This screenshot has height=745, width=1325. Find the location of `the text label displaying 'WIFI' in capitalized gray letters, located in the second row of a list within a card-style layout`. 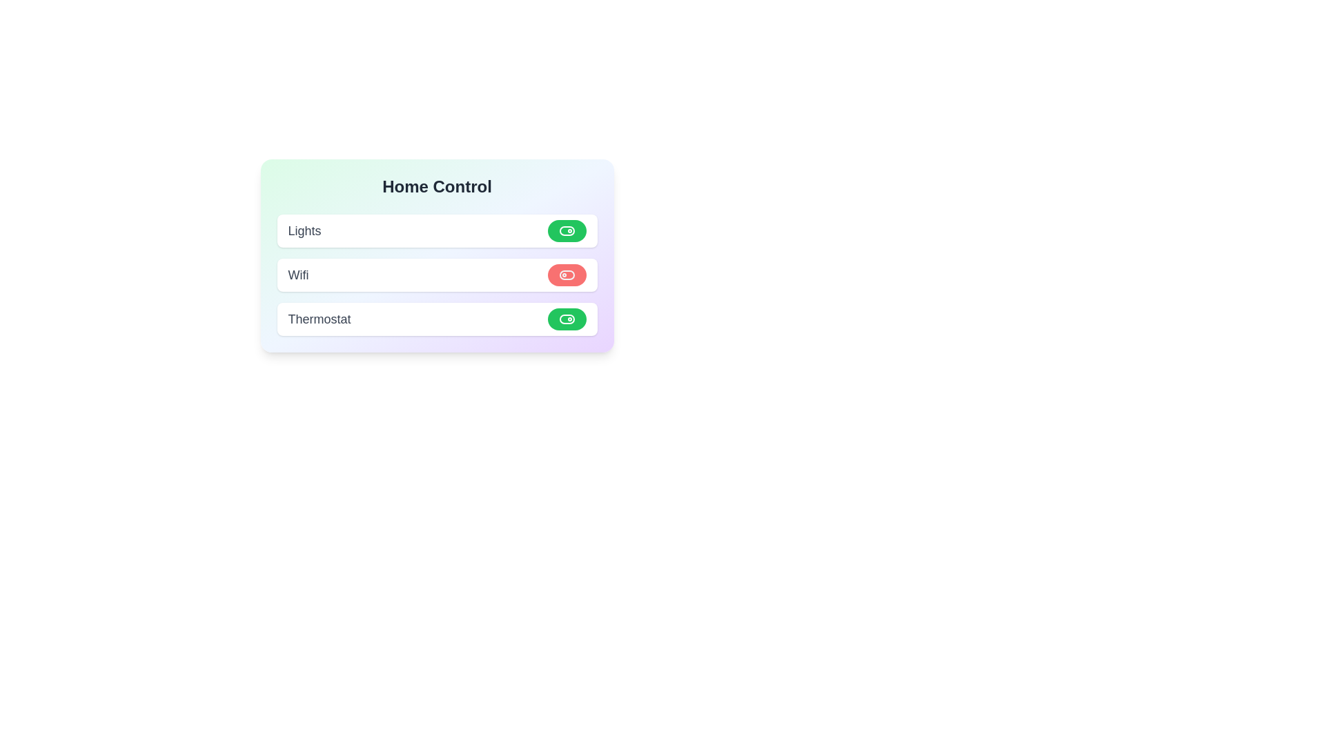

the text label displaying 'WIFI' in capitalized gray letters, located in the second row of a list within a card-style layout is located at coordinates (297, 275).